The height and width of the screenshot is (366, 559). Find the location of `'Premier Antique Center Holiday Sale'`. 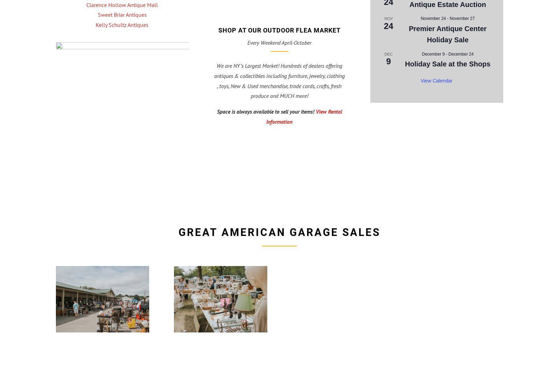

'Premier Antique Center Holiday Sale' is located at coordinates (447, 34).